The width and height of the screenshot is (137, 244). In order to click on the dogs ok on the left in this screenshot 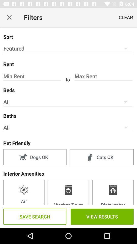, I will do `click(35, 157)`.